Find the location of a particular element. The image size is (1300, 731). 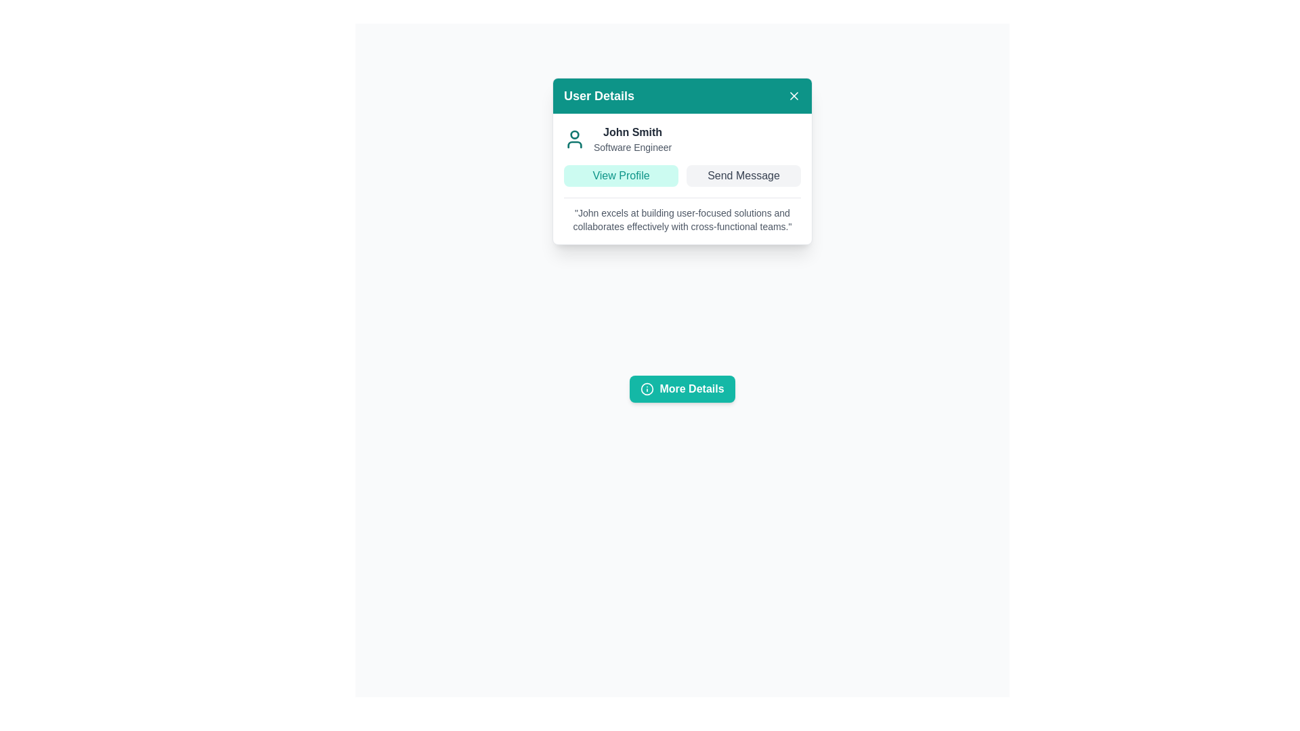

the text element that indicates the professional role or title of the user, which is located below 'John Smith' and above the 'View Profile' button in the user details card is located at coordinates (632, 148).